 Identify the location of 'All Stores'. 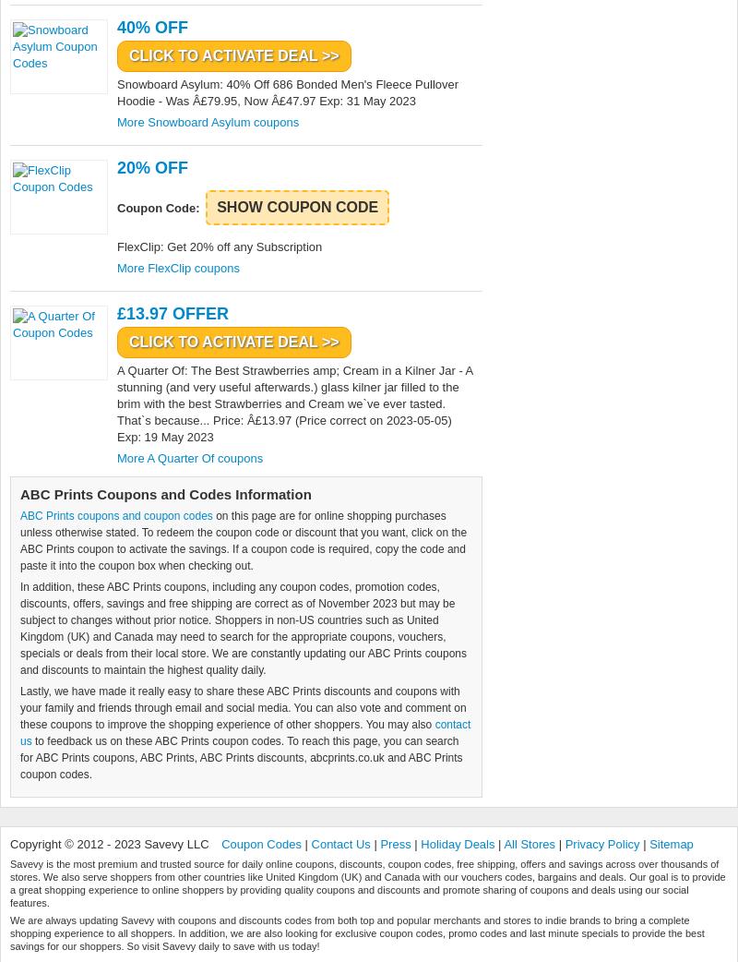
(529, 843).